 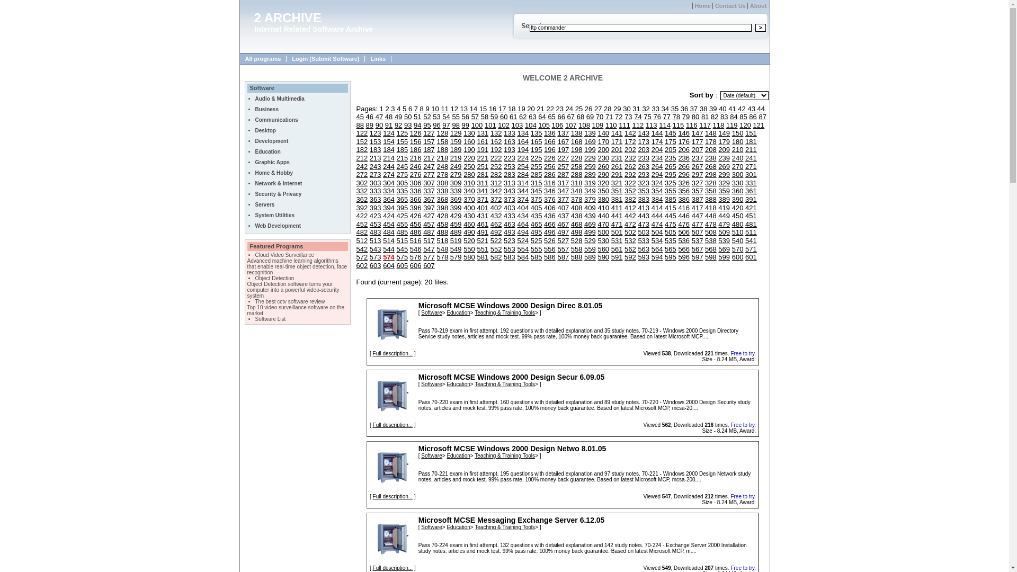 I want to click on '216', so click(x=415, y=158).